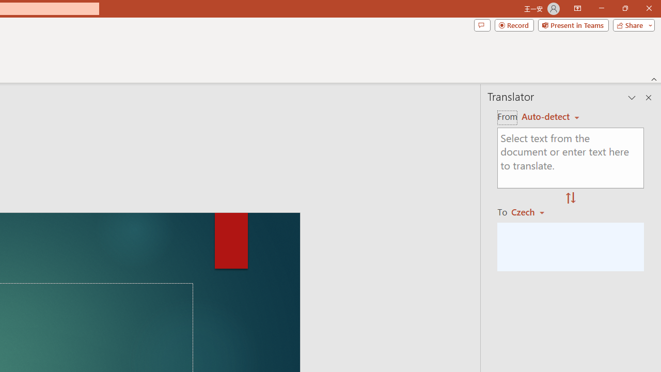 Image resolution: width=661 pixels, height=372 pixels. What do you see at coordinates (550, 116) in the screenshot?
I see `'Auto-detect'` at bounding box center [550, 116].